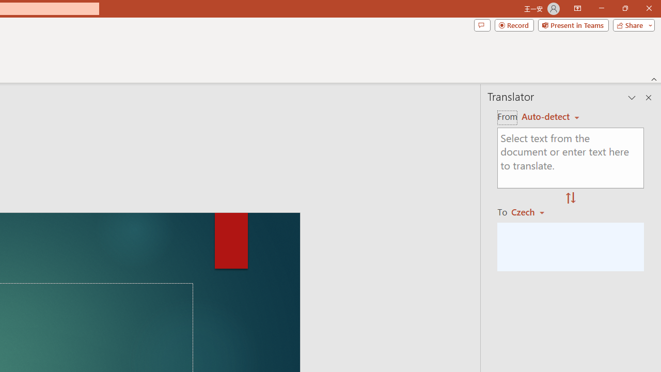 Image resolution: width=661 pixels, height=372 pixels. What do you see at coordinates (550, 116) in the screenshot?
I see `'Auto-detect'` at bounding box center [550, 116].